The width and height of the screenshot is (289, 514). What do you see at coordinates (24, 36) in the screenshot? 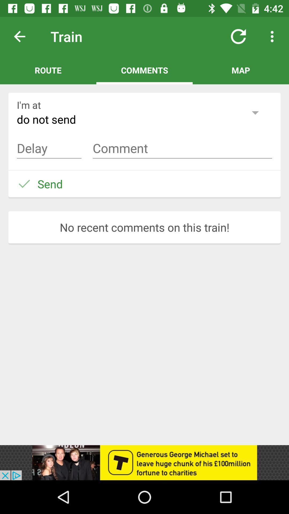
I see `go back` at bounding box center [24, 36].